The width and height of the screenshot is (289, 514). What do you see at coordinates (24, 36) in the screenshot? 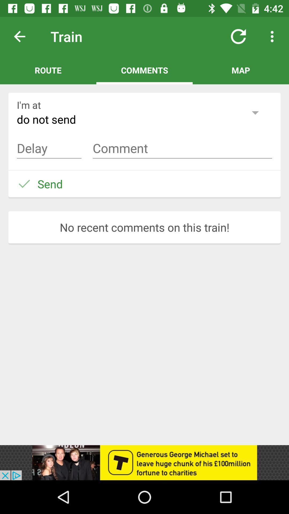
I see `go back` at bounding box center [24, 36].